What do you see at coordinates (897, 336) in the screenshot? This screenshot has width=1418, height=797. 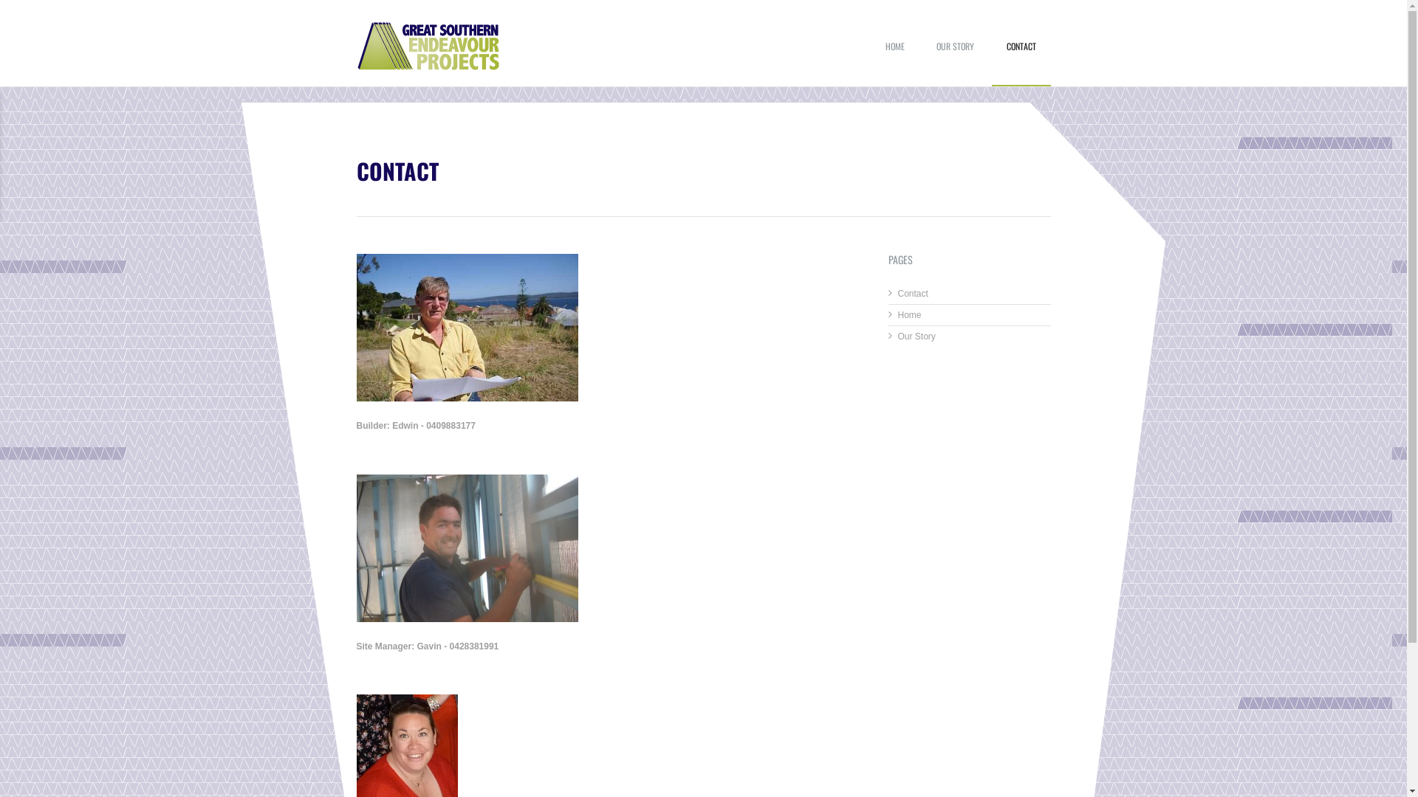 I see `'Our Story'` at bounding box center [897, 336].